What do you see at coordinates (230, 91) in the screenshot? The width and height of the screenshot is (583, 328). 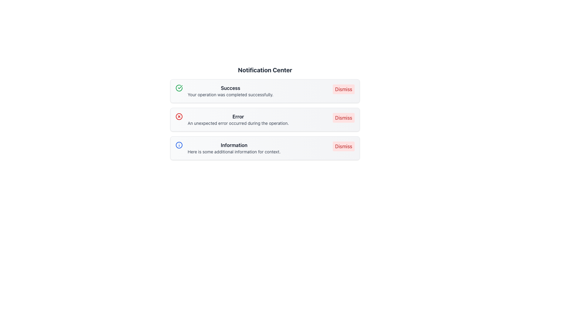 I see `the success message text display, which is the second component within the first notification card in the Notification Center, indicating successful completion of an operation` at bounding box center [230, 91].